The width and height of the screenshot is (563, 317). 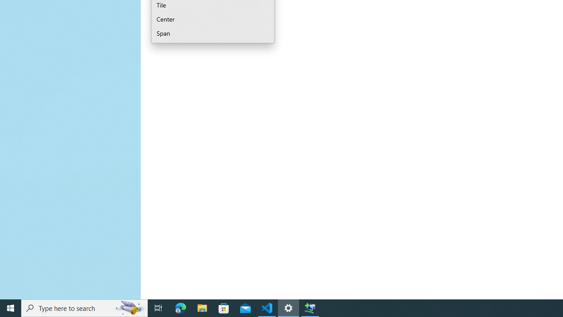 I want to click on 'Task View', so click(x=158, y=307).